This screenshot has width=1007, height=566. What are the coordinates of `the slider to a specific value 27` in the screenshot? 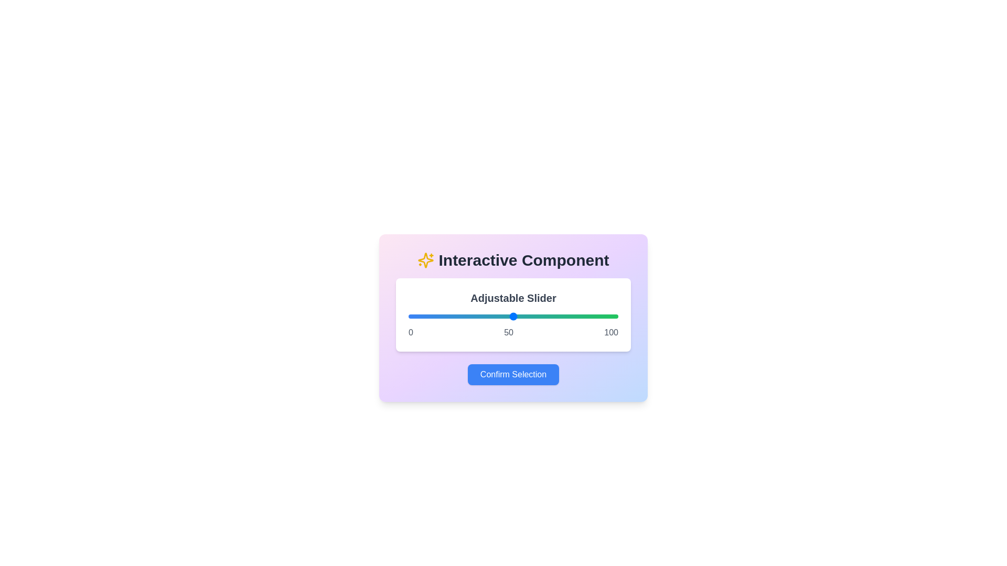 It's located at (465, 316).